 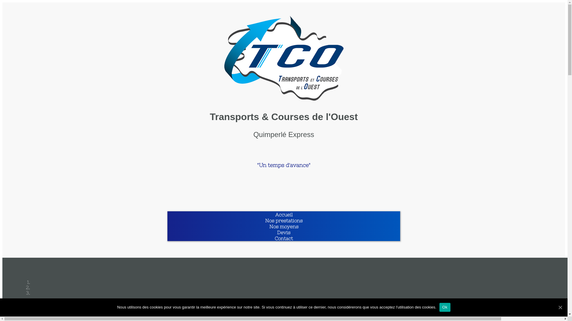 What do you see at coordinates (445, 307) in the screenshot?
I see `'Ok'` at bounding box center [445, 307].